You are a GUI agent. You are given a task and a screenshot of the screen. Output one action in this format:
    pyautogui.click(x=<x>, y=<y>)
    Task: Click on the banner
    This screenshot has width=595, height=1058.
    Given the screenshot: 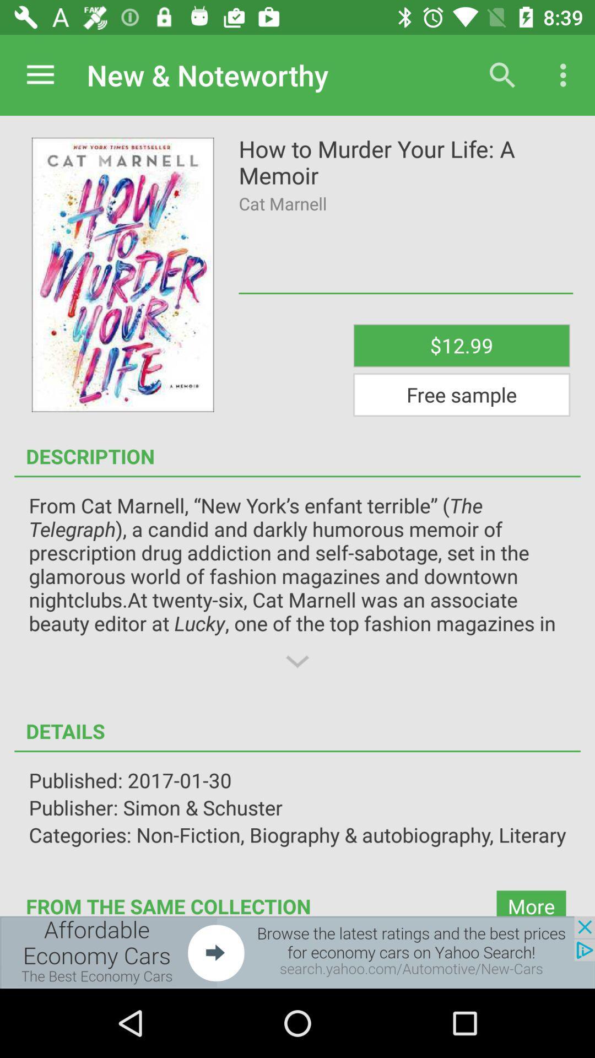 What is the action you would take?
    pyautogui.click(x=297, y=952)
    